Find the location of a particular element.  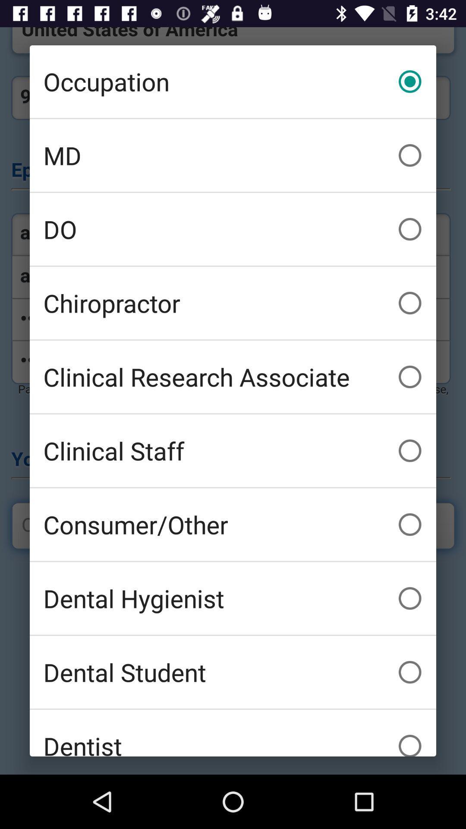

icon above chiropractor icon is located at coordinates (233, 229).